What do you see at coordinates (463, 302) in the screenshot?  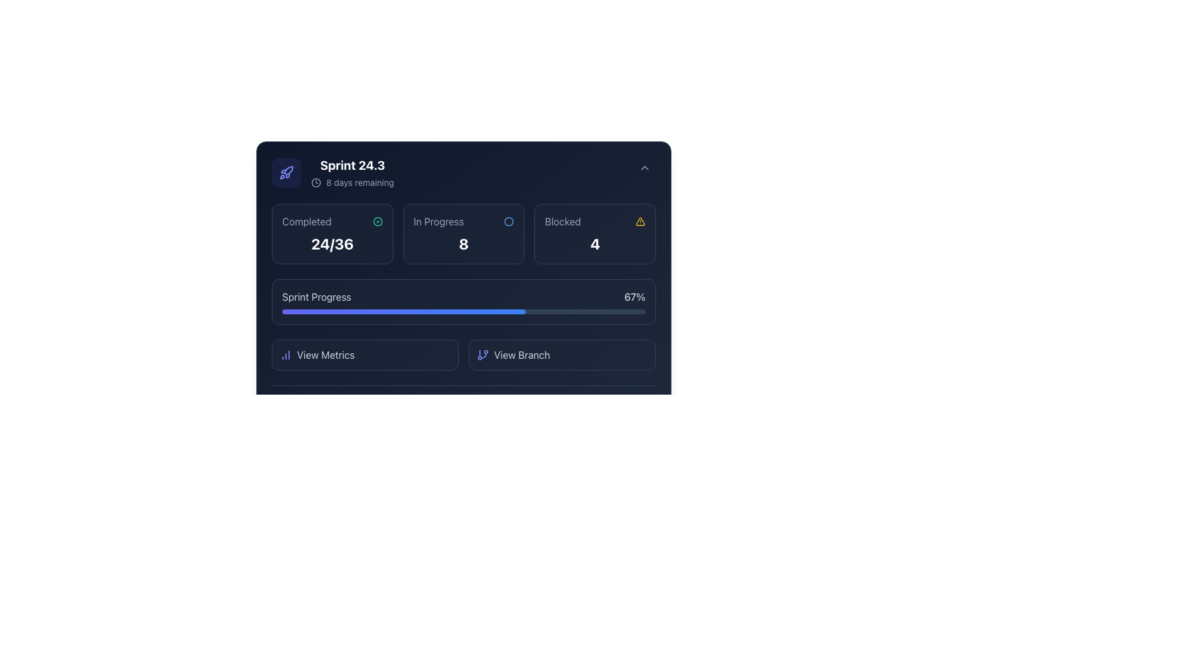 I see `the progress bar with rounded edges that displays a completion percentage of 67%` at bounding box center [463, 302].